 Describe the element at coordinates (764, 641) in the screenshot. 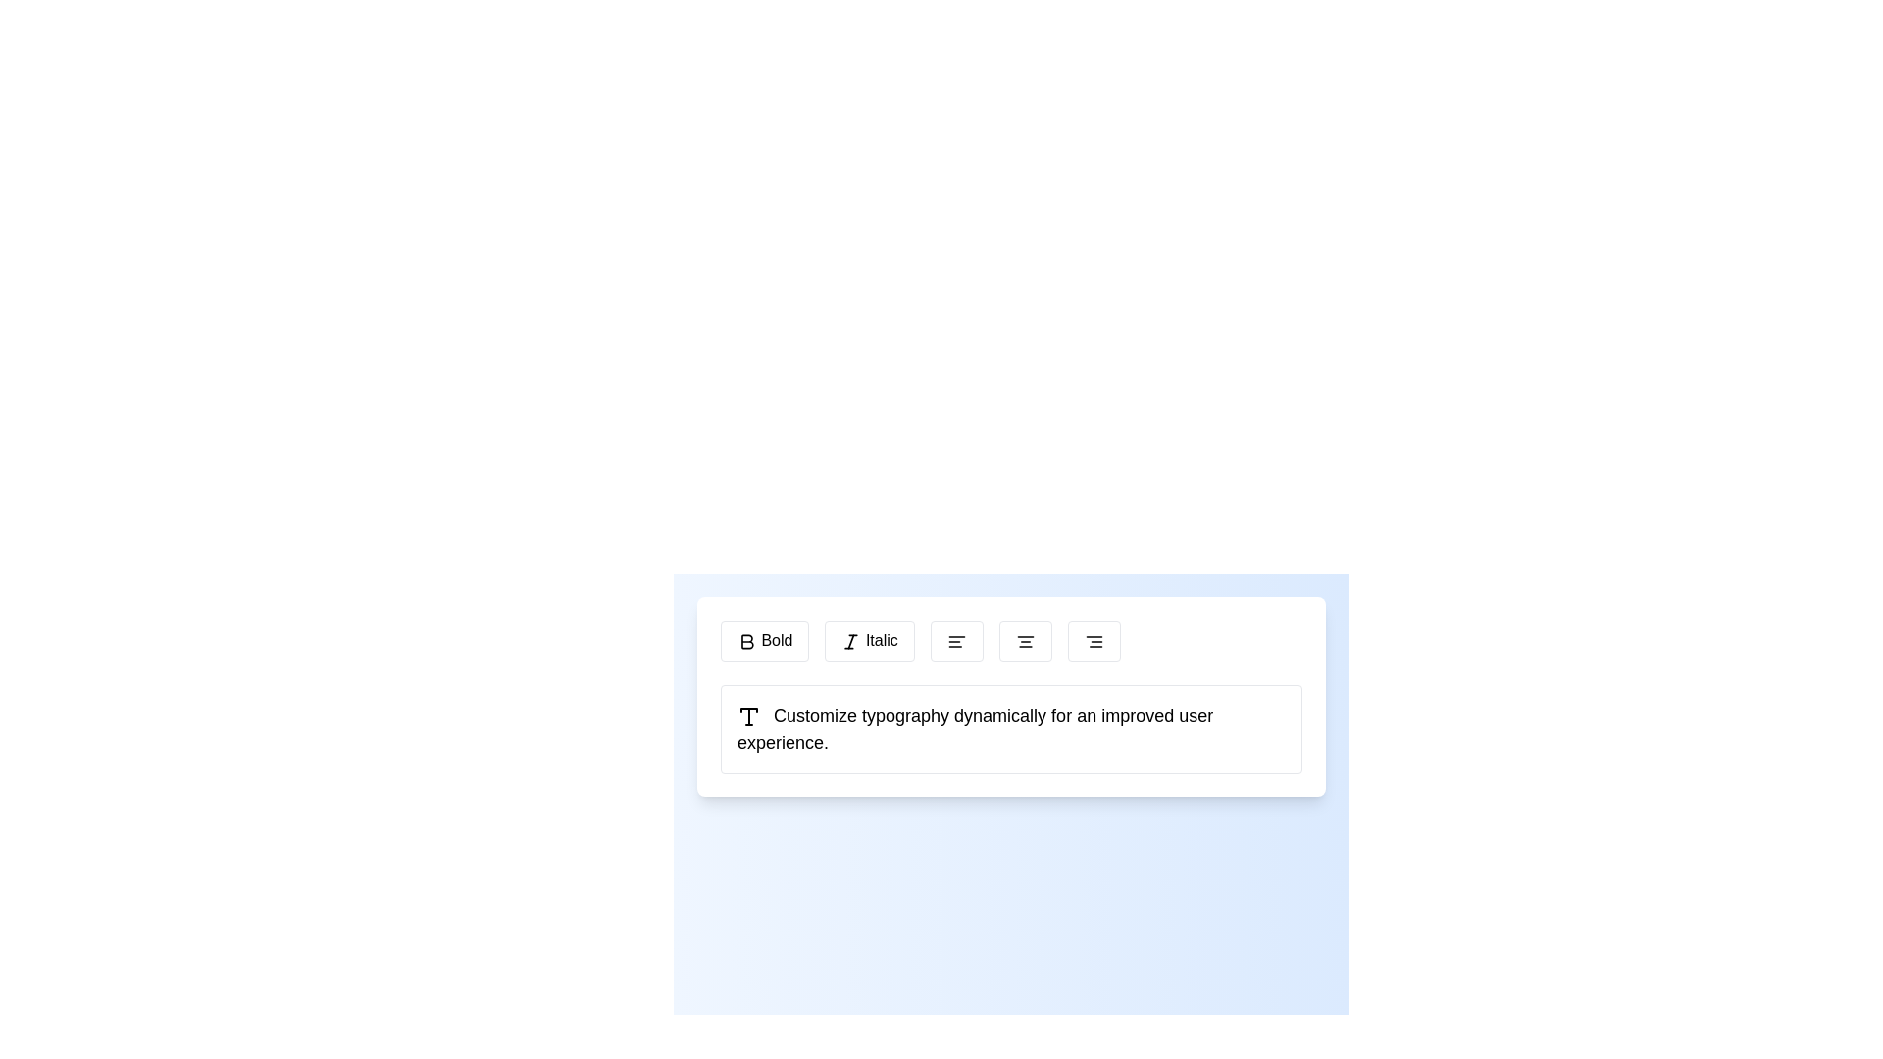

I see `the 'Bold' button, which is a rectangular button with a white background, black border, and rounded corners, containing a bold 'B' icon and the text 'Bold' adjacent to it` at that location.